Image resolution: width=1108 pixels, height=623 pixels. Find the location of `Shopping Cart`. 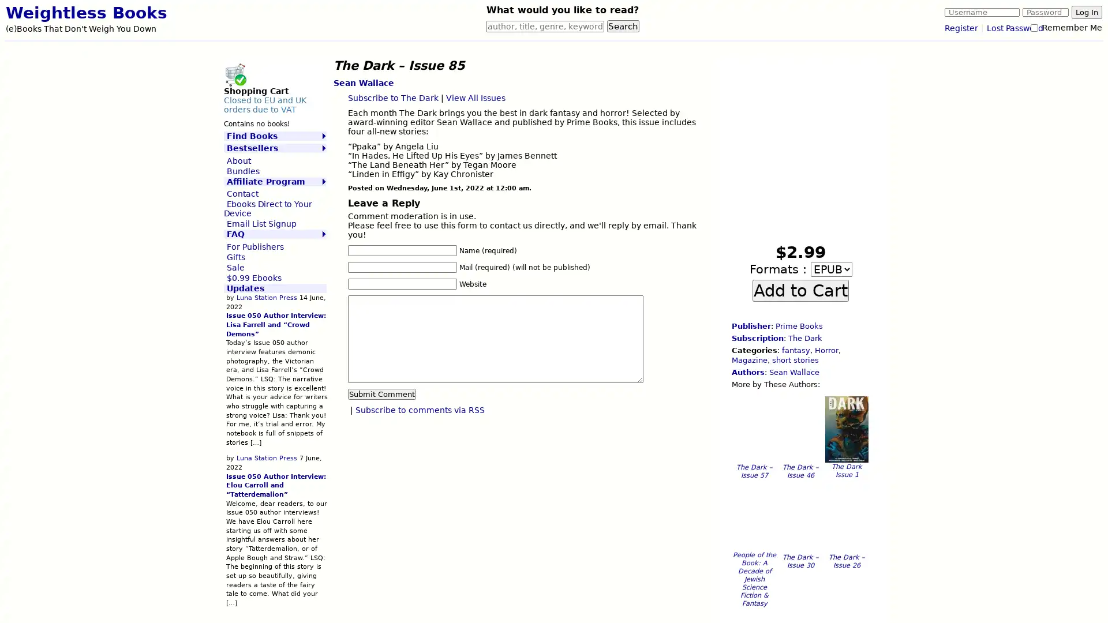

Shopping Cart is located at coordinates (234, 74).